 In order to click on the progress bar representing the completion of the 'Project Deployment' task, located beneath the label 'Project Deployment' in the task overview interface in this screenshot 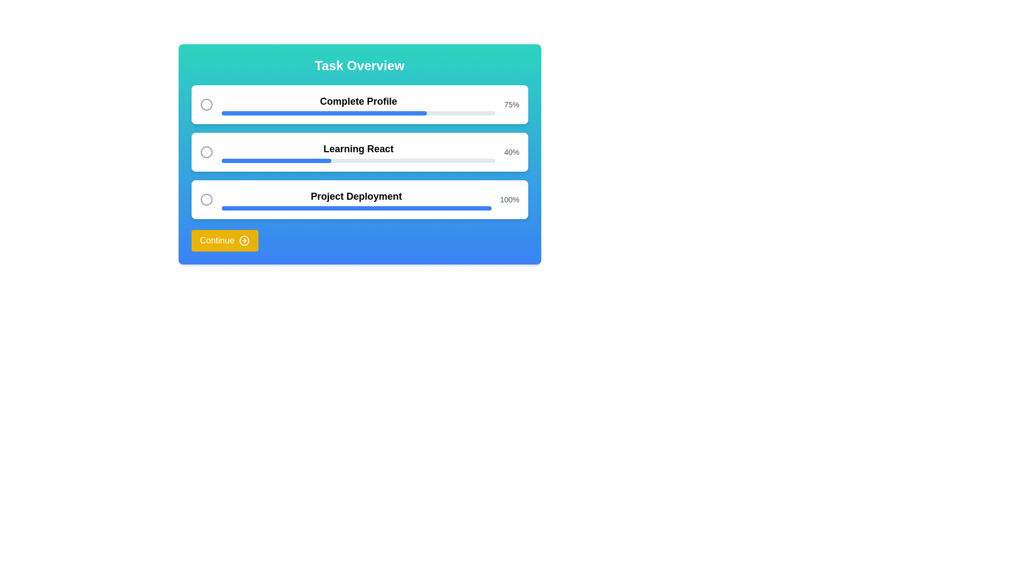, I will do `click(356, 208)`.